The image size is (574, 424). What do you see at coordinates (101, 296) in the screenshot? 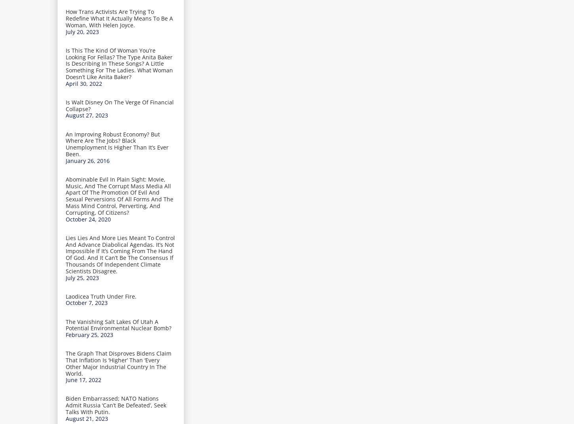
I see `'Laodicea Truth Under Fire.'` at bounding box center [101, 296].